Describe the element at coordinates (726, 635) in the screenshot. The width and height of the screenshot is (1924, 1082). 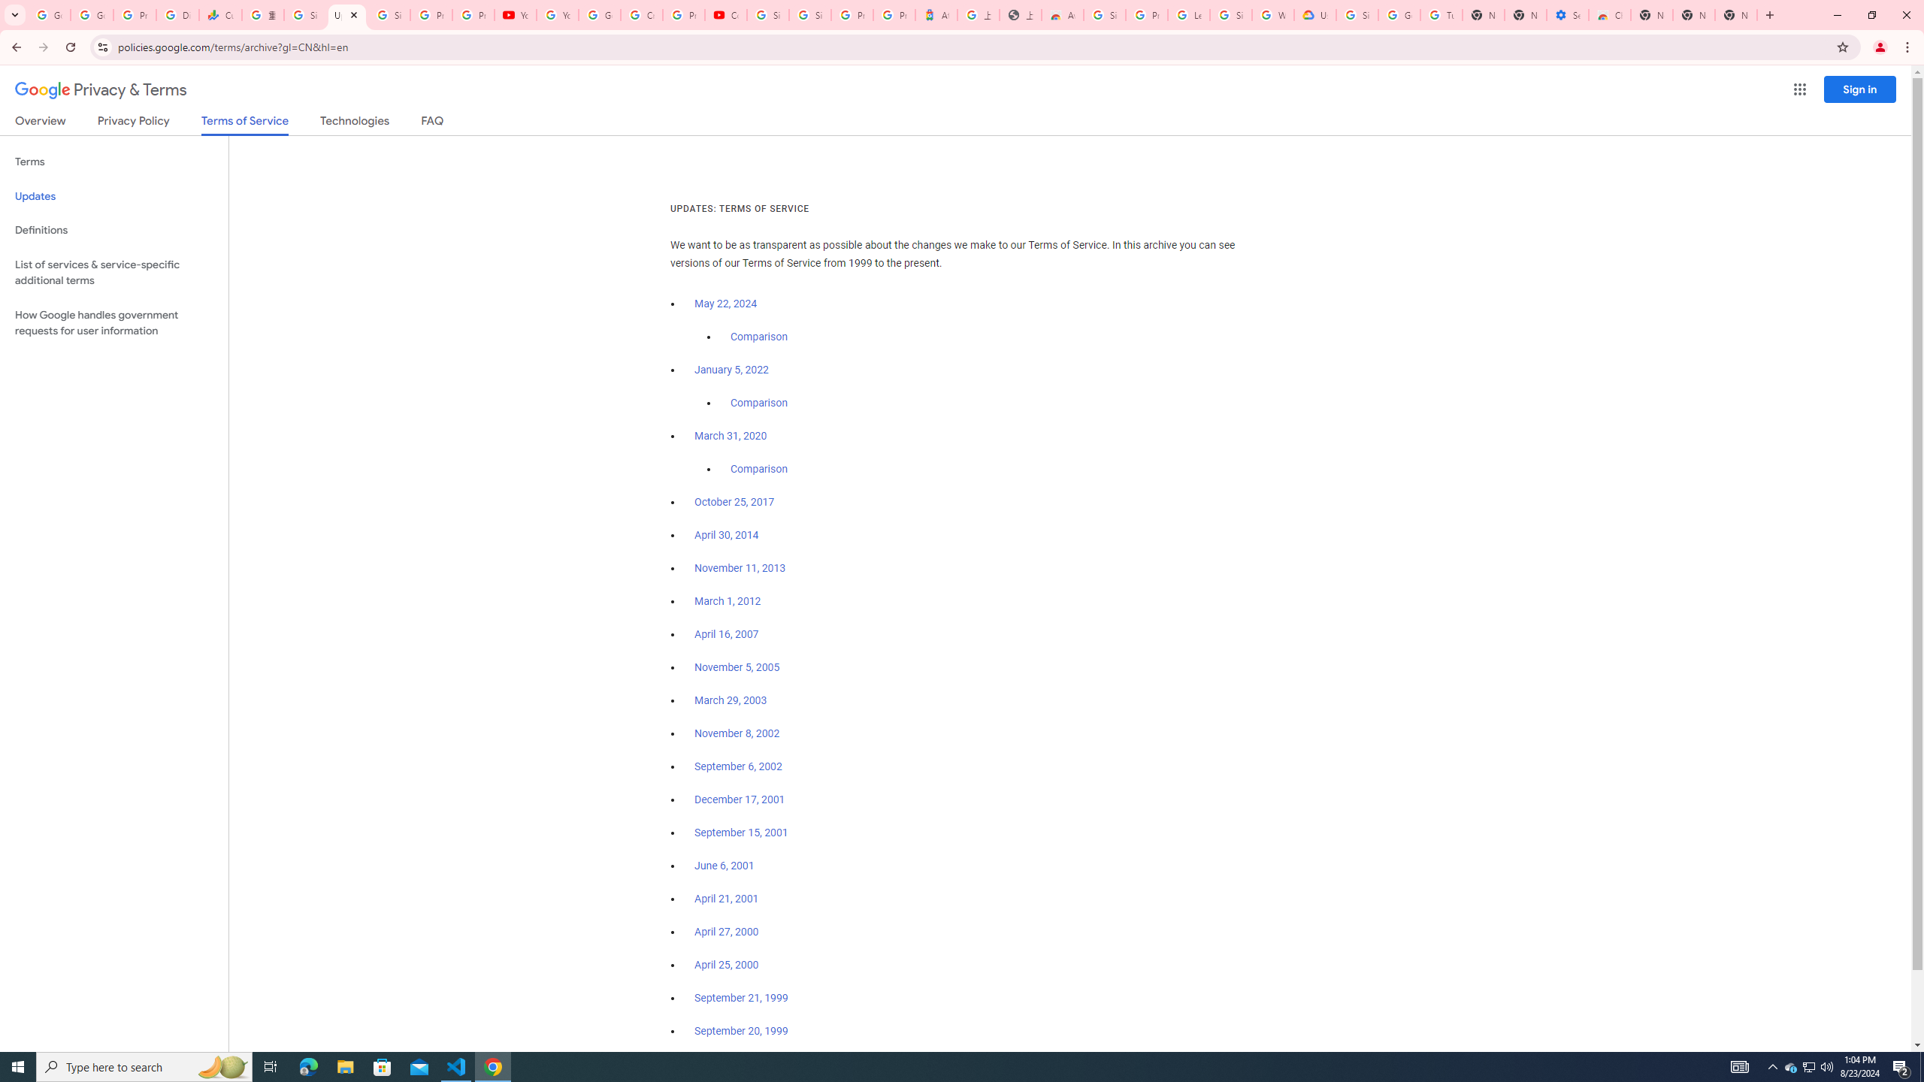
I see `'April 16, 2007'` at that location.